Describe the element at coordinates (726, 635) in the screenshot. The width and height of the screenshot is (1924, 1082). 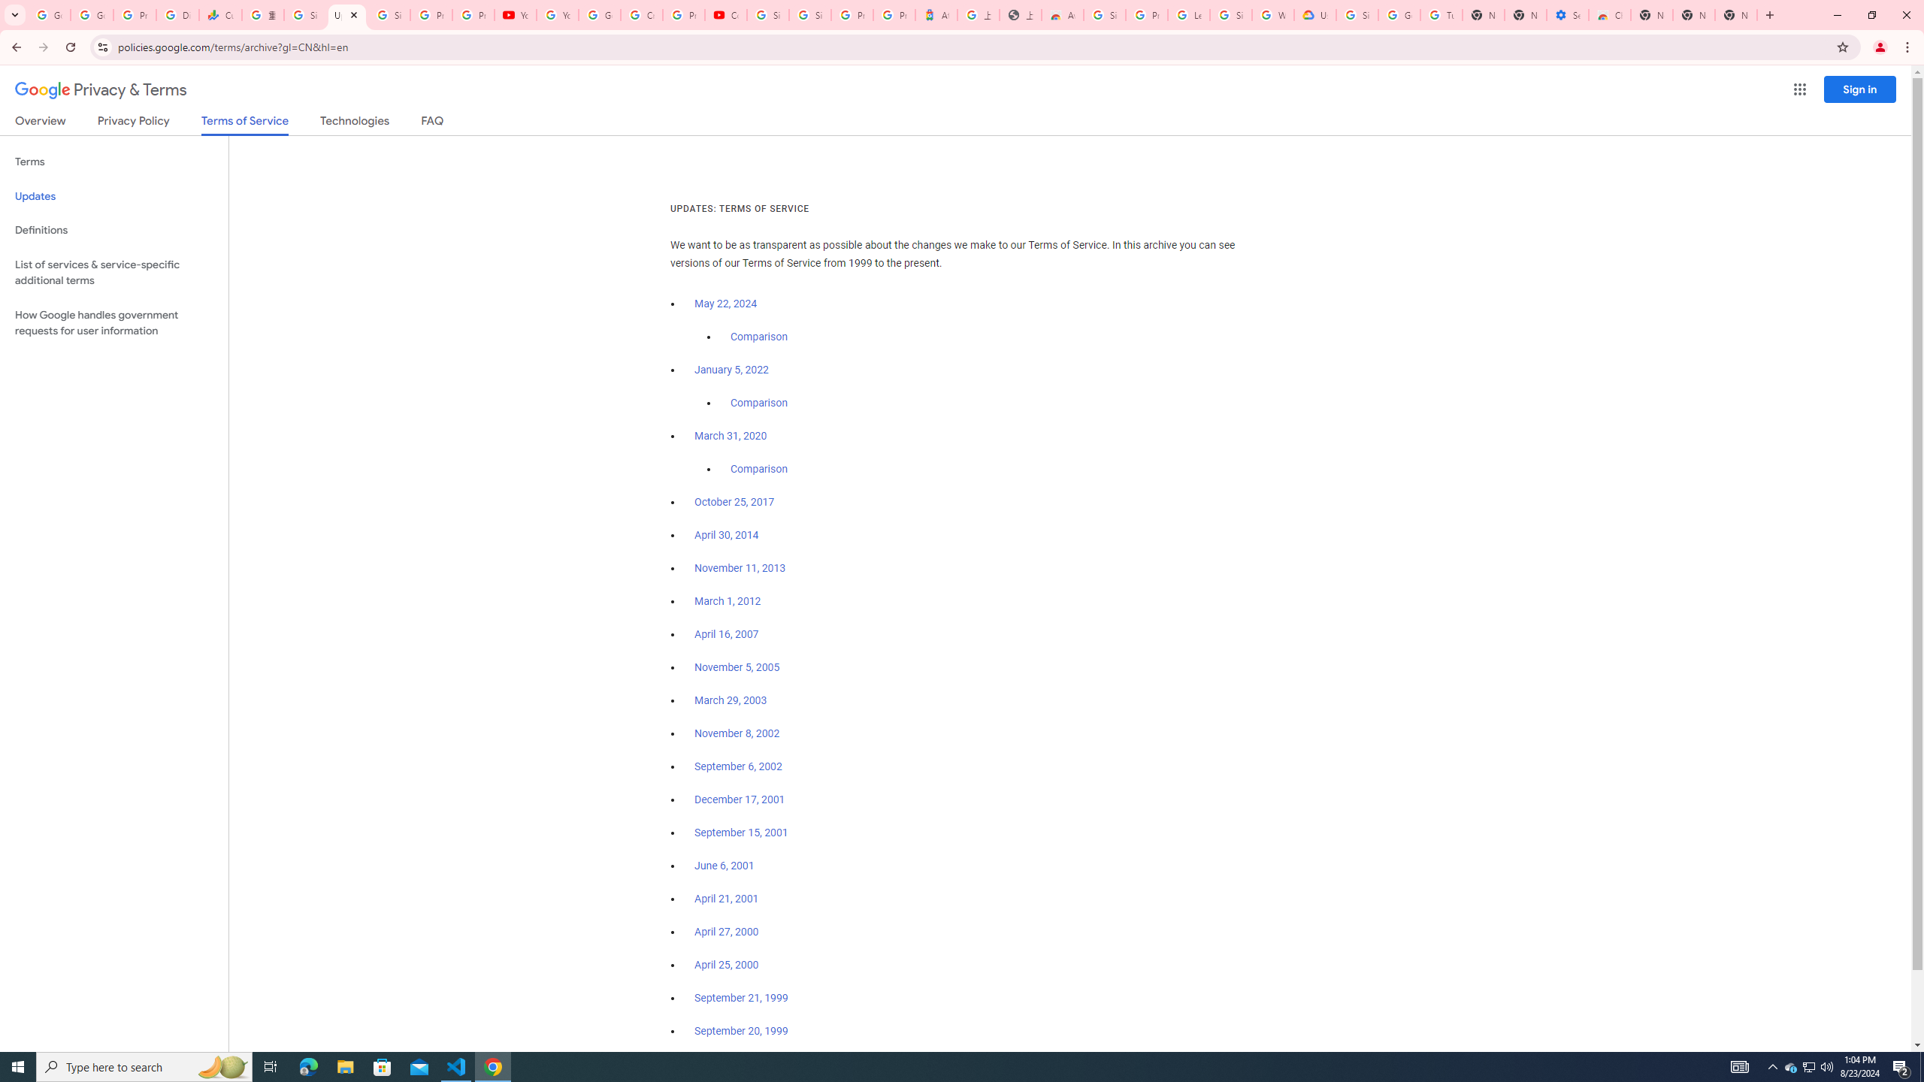
I see `'April 16, 2007'` at that location.